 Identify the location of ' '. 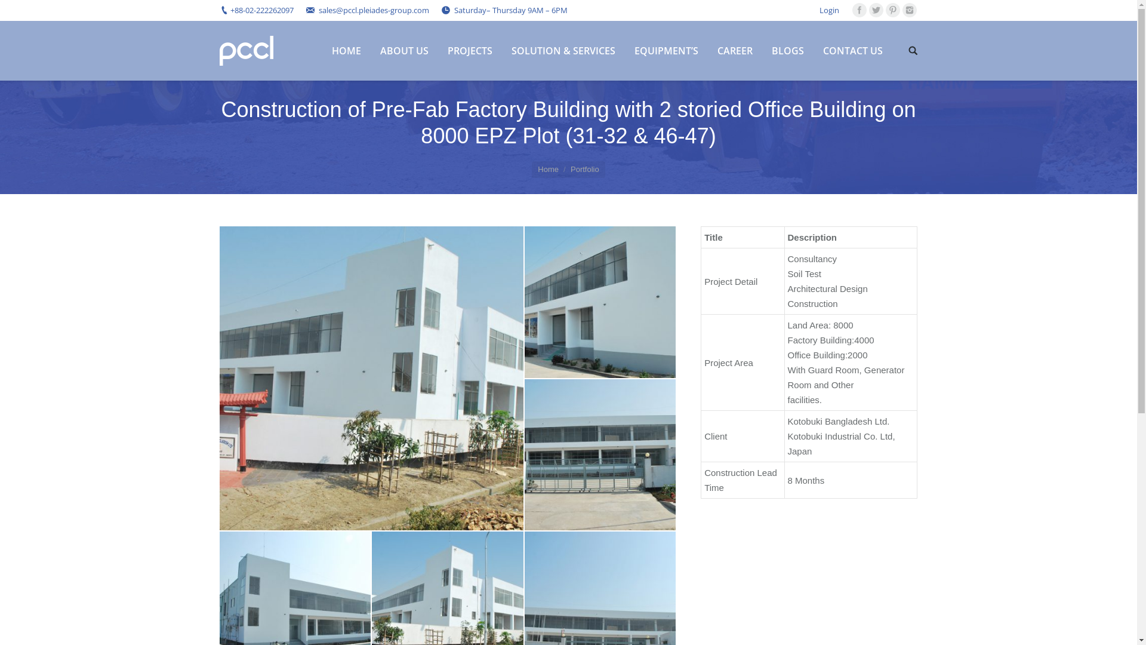
(913, 50).